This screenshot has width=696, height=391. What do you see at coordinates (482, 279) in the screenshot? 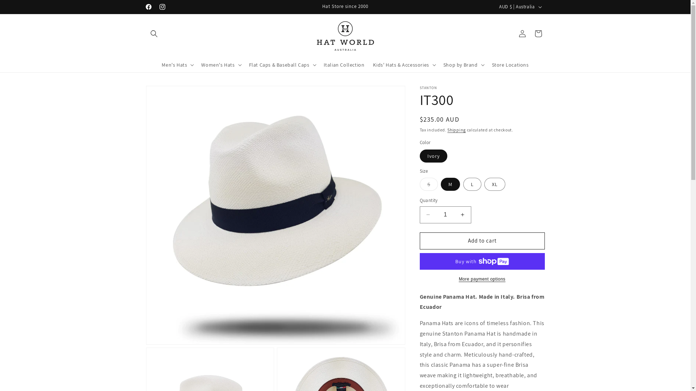
I see `'More payment options'` at bounding box center [482, 279].